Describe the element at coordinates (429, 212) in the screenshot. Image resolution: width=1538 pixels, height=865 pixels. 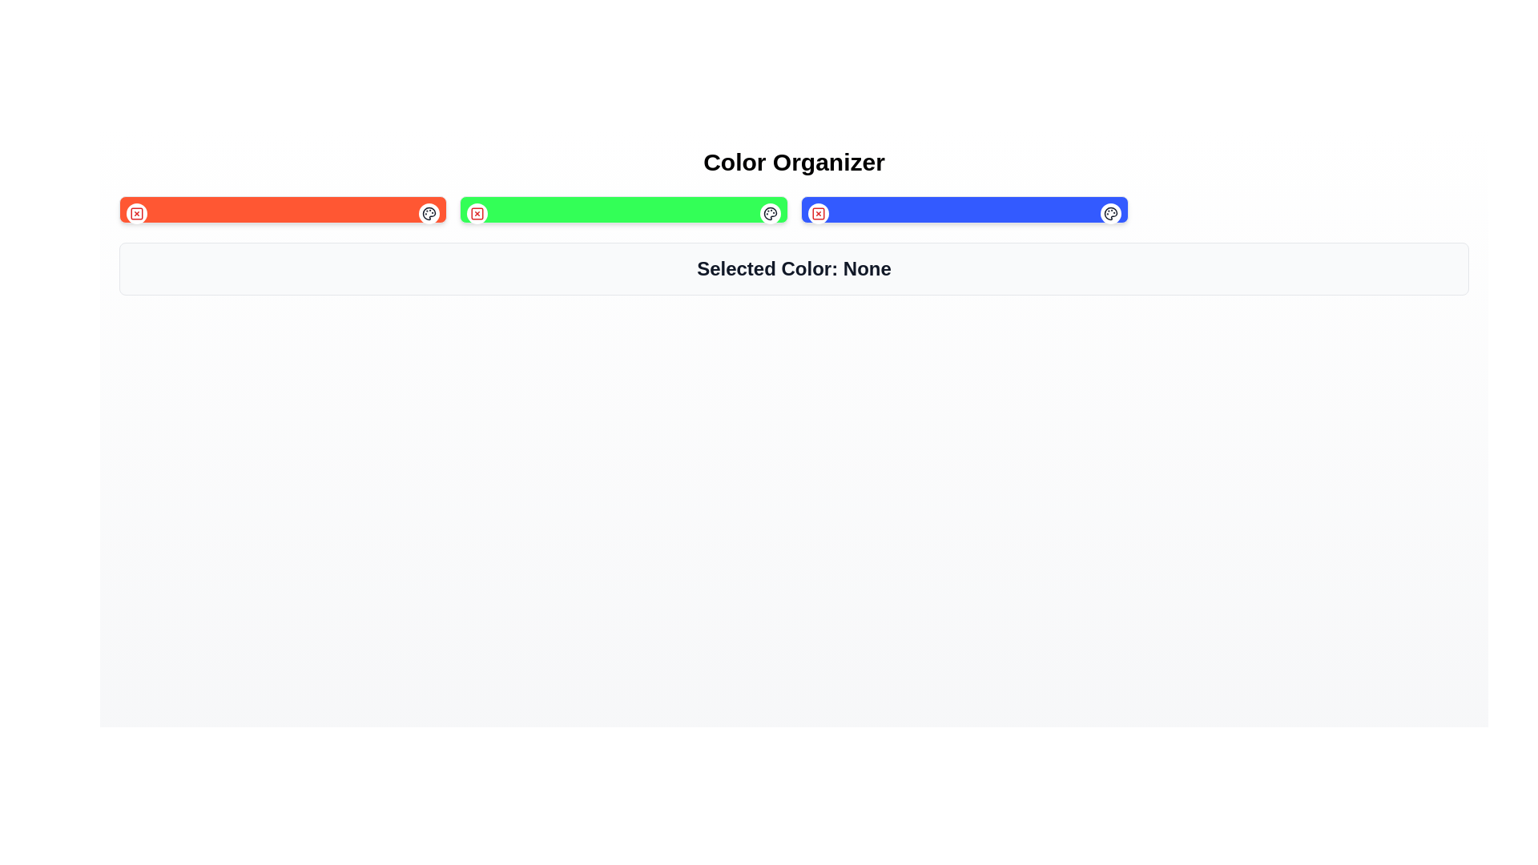
I see `the palette icon button located to the right of the green color bar, which is designed with a circular layout and small colored circles representing paints` at that location.